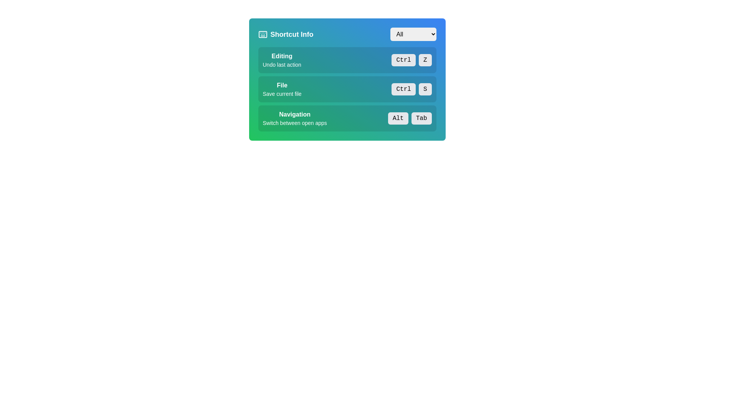 The height and width of the screenshot is (414, 737). I want to click on the Text Label that serves as a title for the action 'Undo last action' located in the 'Shortcut Info' widget, so click(281, 56).